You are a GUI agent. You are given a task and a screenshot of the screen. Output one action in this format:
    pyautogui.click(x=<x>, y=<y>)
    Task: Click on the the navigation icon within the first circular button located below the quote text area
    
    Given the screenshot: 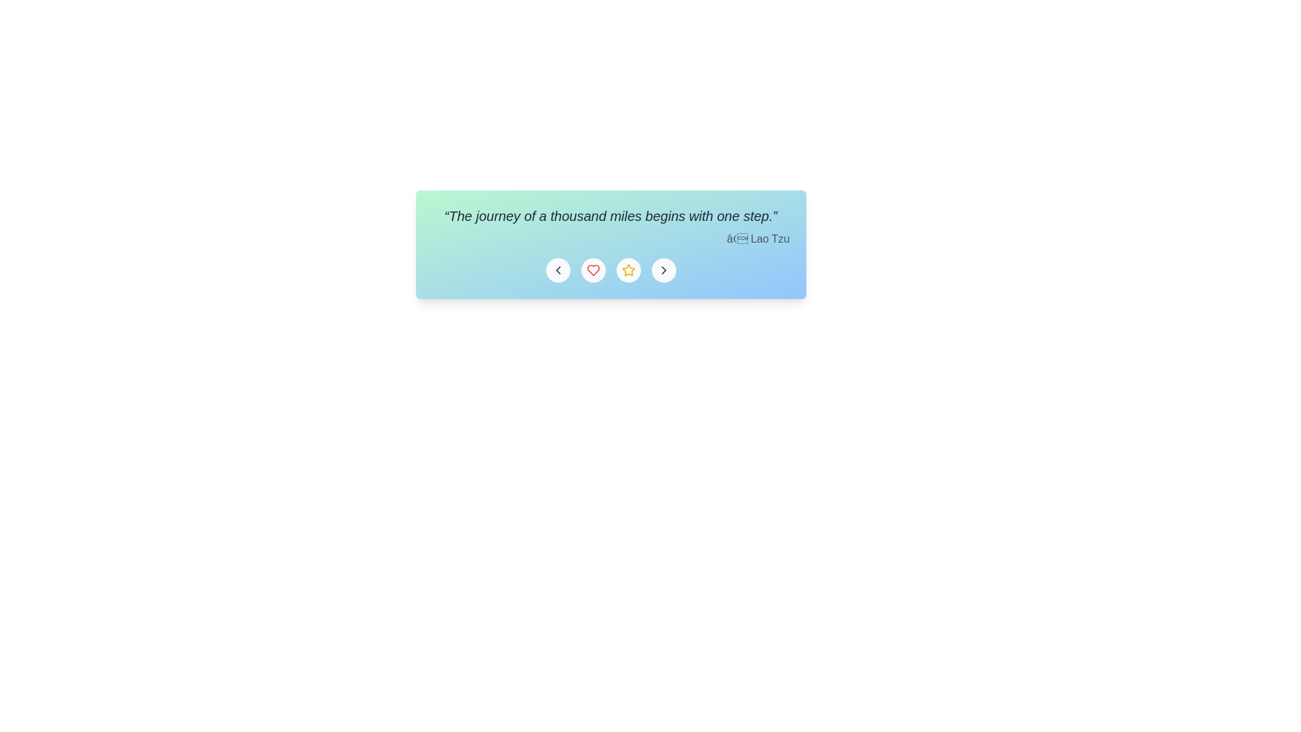 What is the action you would take?
    pyautogui.click(x=558, y=270)
    